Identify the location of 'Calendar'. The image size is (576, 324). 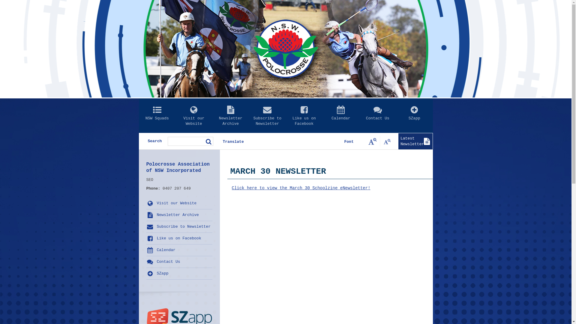
(146, 250).